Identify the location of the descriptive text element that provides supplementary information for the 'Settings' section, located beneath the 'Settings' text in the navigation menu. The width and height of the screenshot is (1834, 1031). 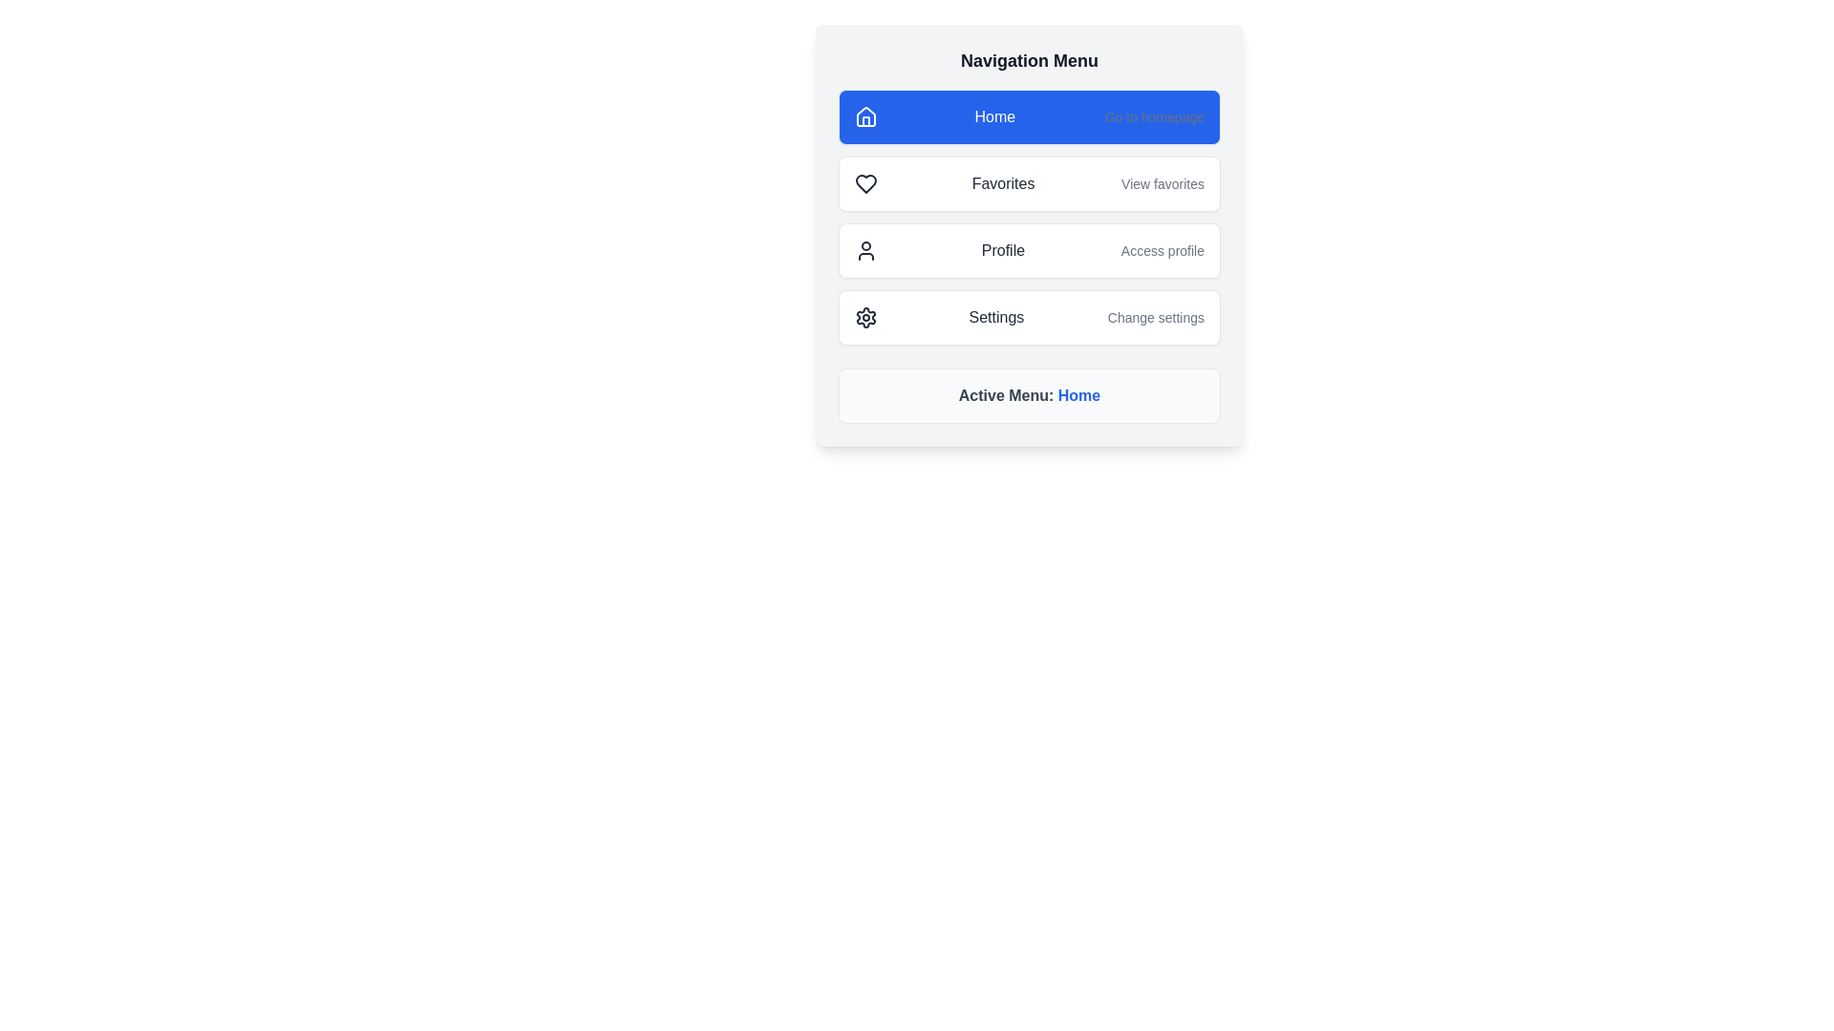
(1155, 316).